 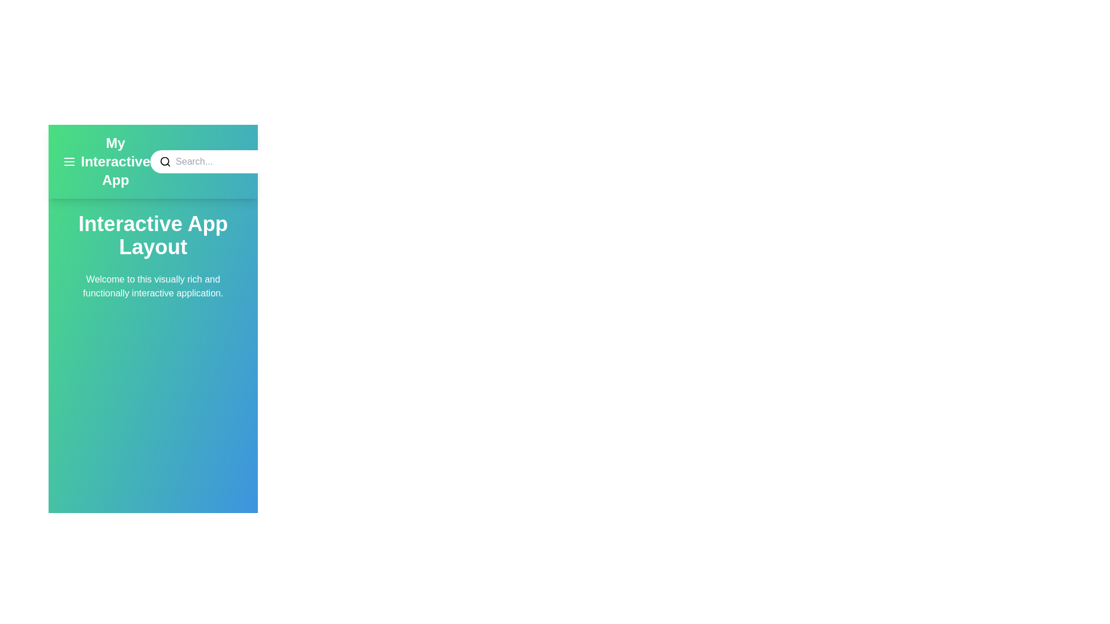 What do you see at coordinates (69, 162) in the screenshot?
I see `the menu toggle button to expand or collapse the menu` at bounding box center [69, 162].